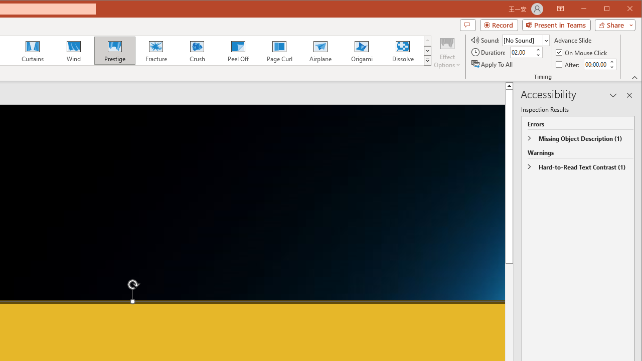 The width and height of the screenshot is (642, 361). Describe the element at coordinates (115, 50) in the screenshot. I see `'Prestige'` at that location.